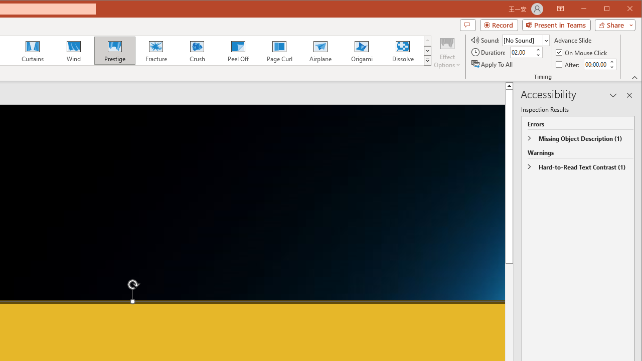 The width and height of the screenshot is (642, 361). Describe the element at coordinates (115, 50) in the screenshot. I see `'Prestige'` at that location.